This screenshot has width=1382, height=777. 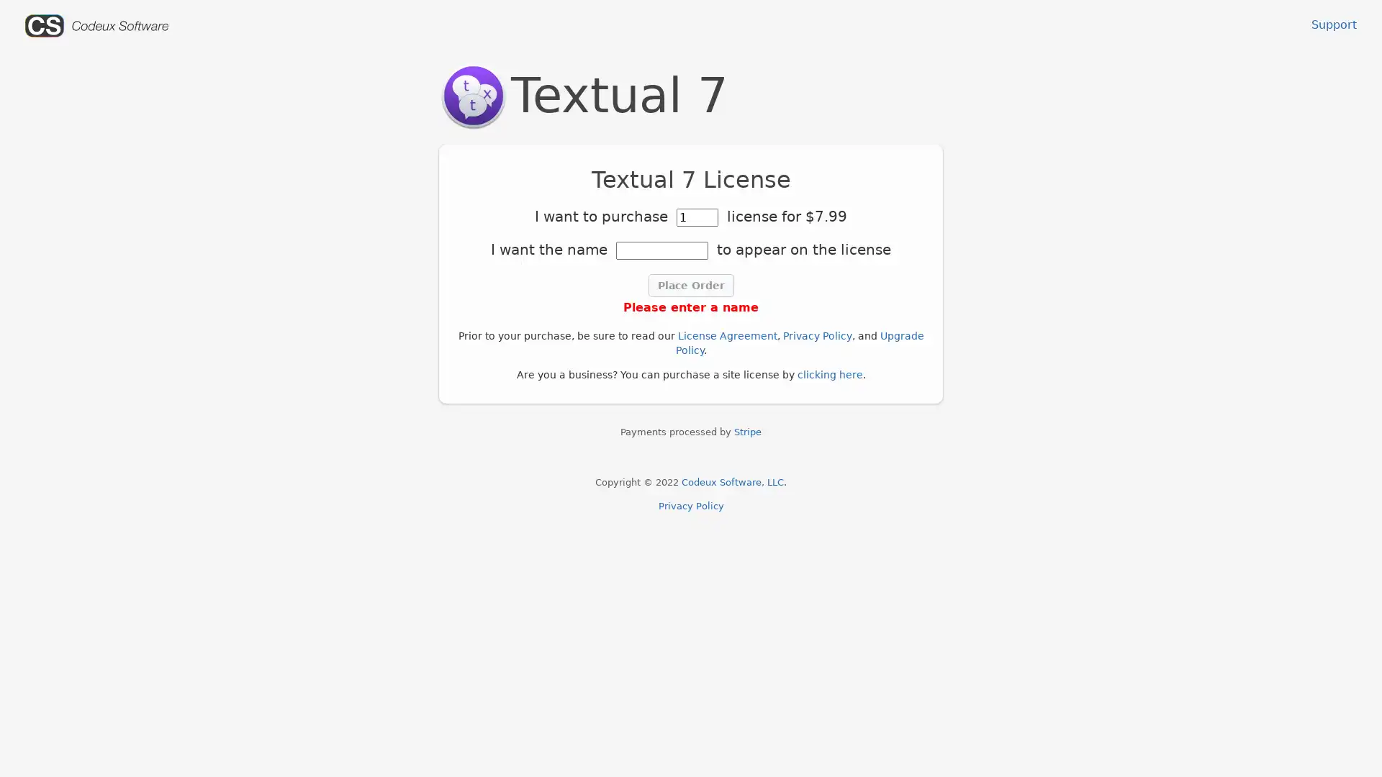 What do you see at coordinates (690, 286) in the screenshot?
I see `Place Order` at bounding box center [690, 286].